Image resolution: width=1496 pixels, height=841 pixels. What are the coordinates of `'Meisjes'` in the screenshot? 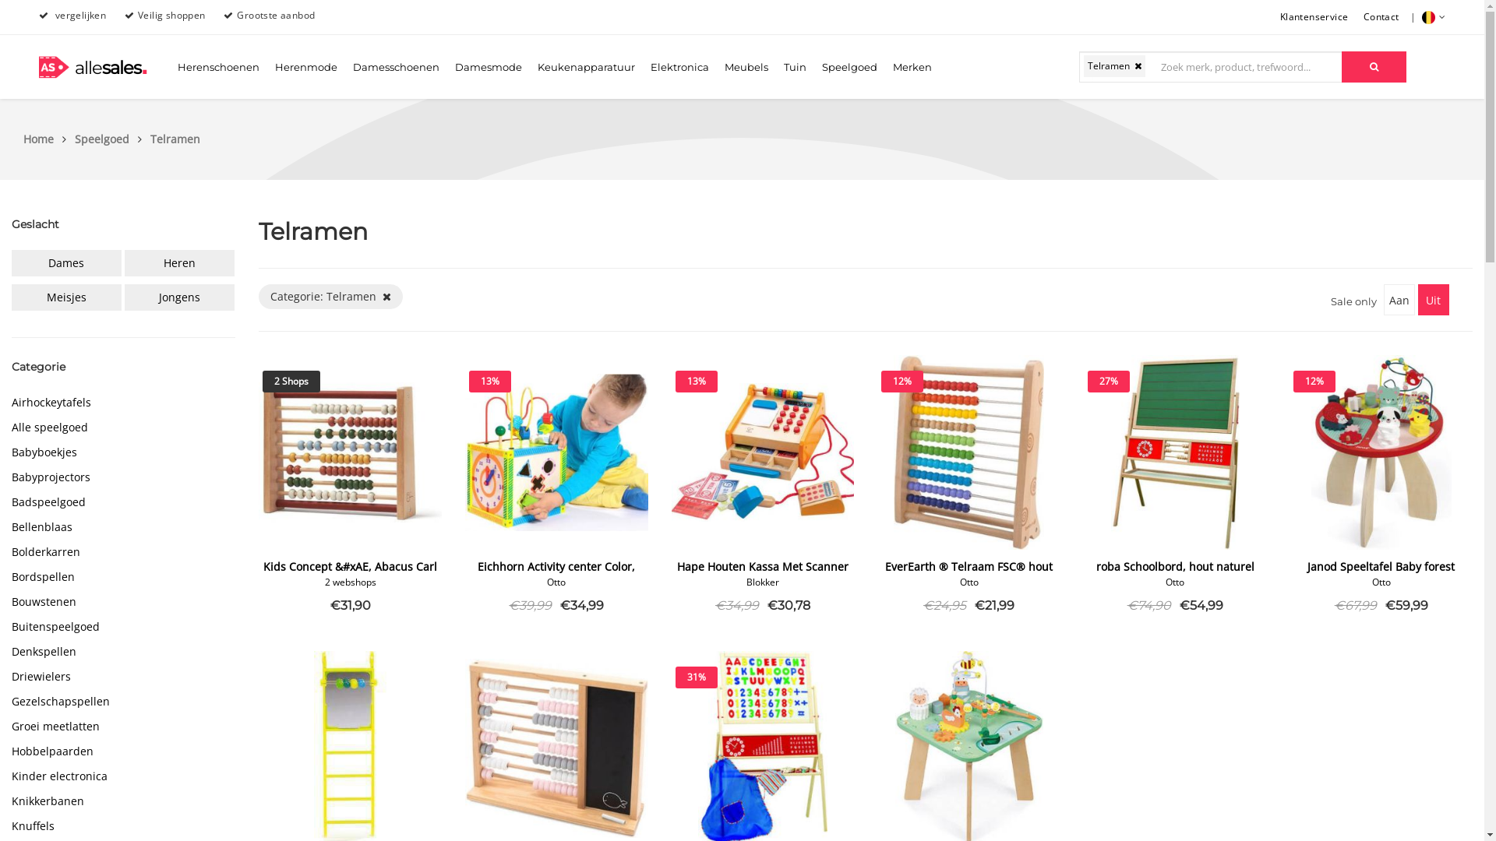 It's located at (65, 297).